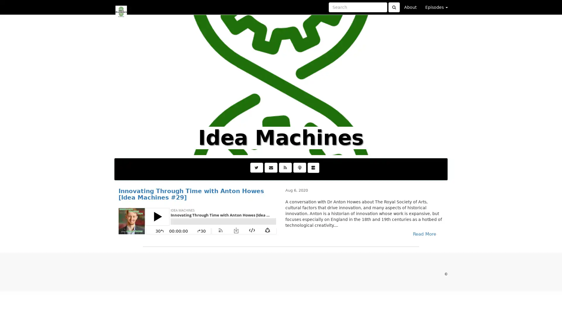 Image resolution: width=562 pixels, height=316 pixels. What do you see at coordinates (394, 7) in the screenshot?
I see `Click to submit search` at bounding box center [394, 7].